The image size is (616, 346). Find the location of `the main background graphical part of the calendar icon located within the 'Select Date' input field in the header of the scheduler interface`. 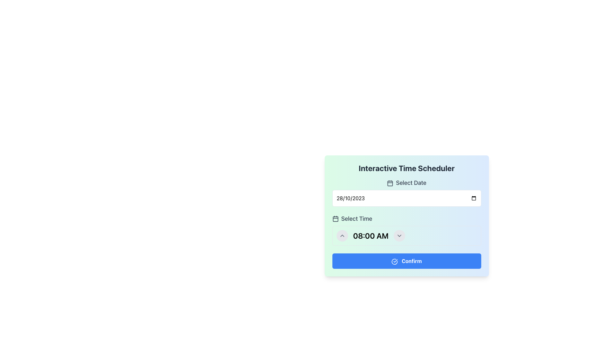

the main background graphical part of the calendar icon located within the 'Select Date' input field in the header of the scheduler interface is located at coordinates (335, 218).